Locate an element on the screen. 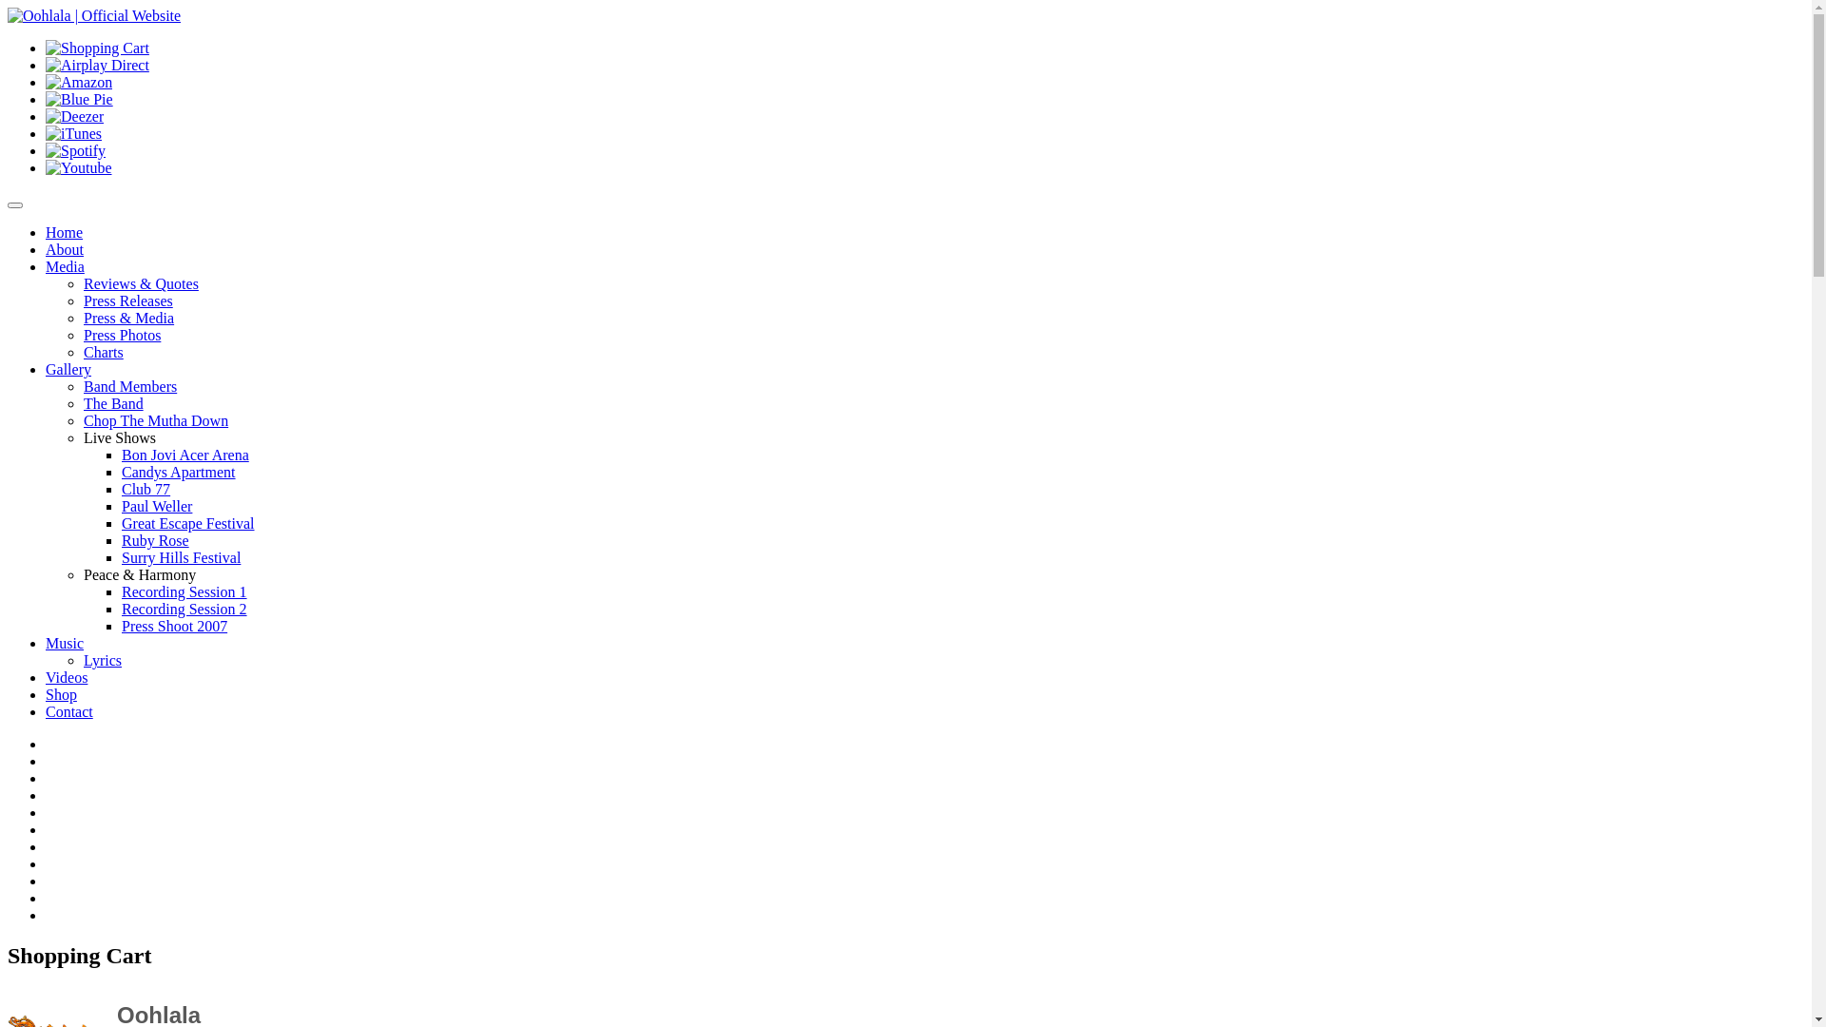 Image resolution: width=1826 pixels, height=1027 pixels. 'Spotify' is located at coordinates (46, 149).